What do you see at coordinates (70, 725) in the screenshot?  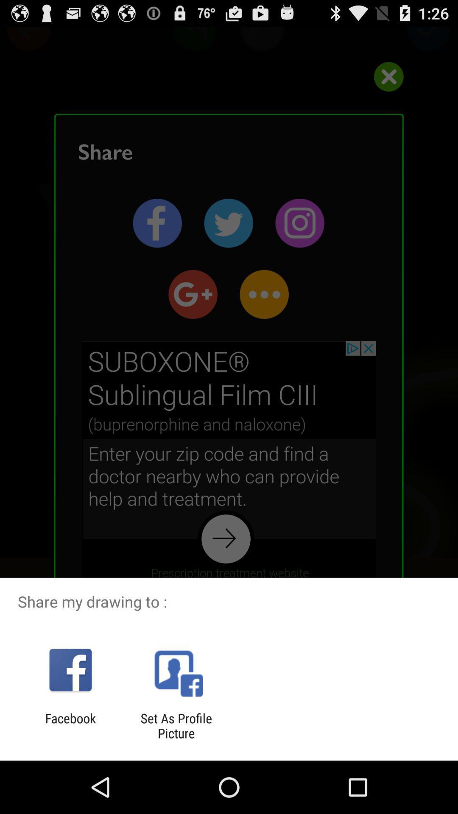 I see `the icon next to the set as profile icon` at bounding box center [70, 725].